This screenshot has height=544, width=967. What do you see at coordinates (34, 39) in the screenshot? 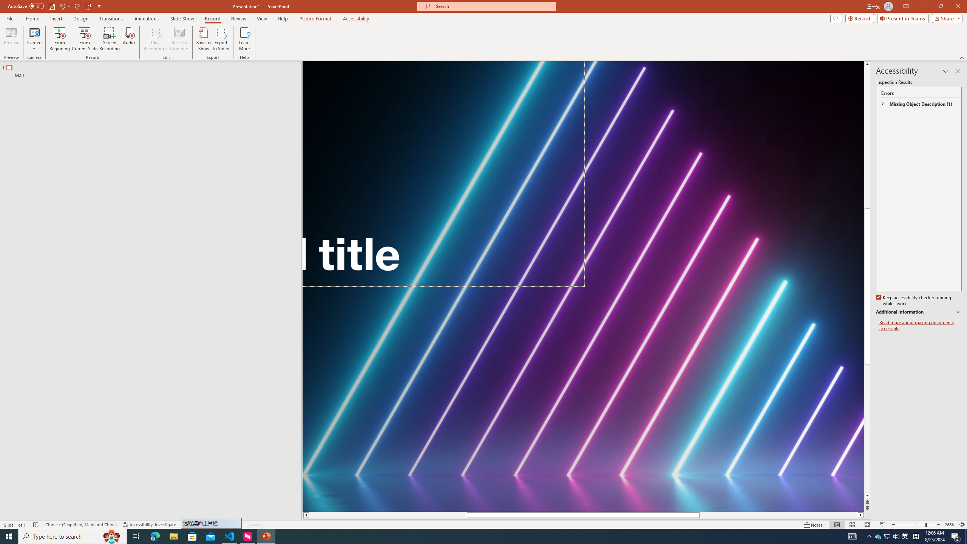
I see `'Cameo'` at bounding box center [34, 39].